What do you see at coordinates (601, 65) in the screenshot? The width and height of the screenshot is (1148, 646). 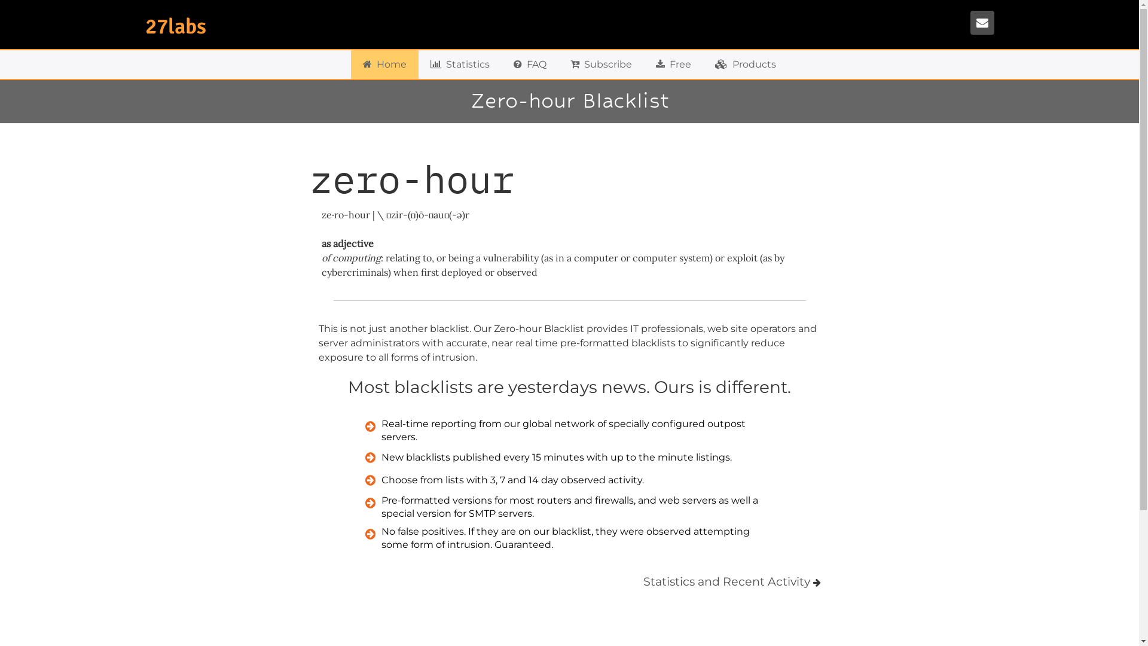 I see `'Subscribe'` at bounding box center [601, 65].